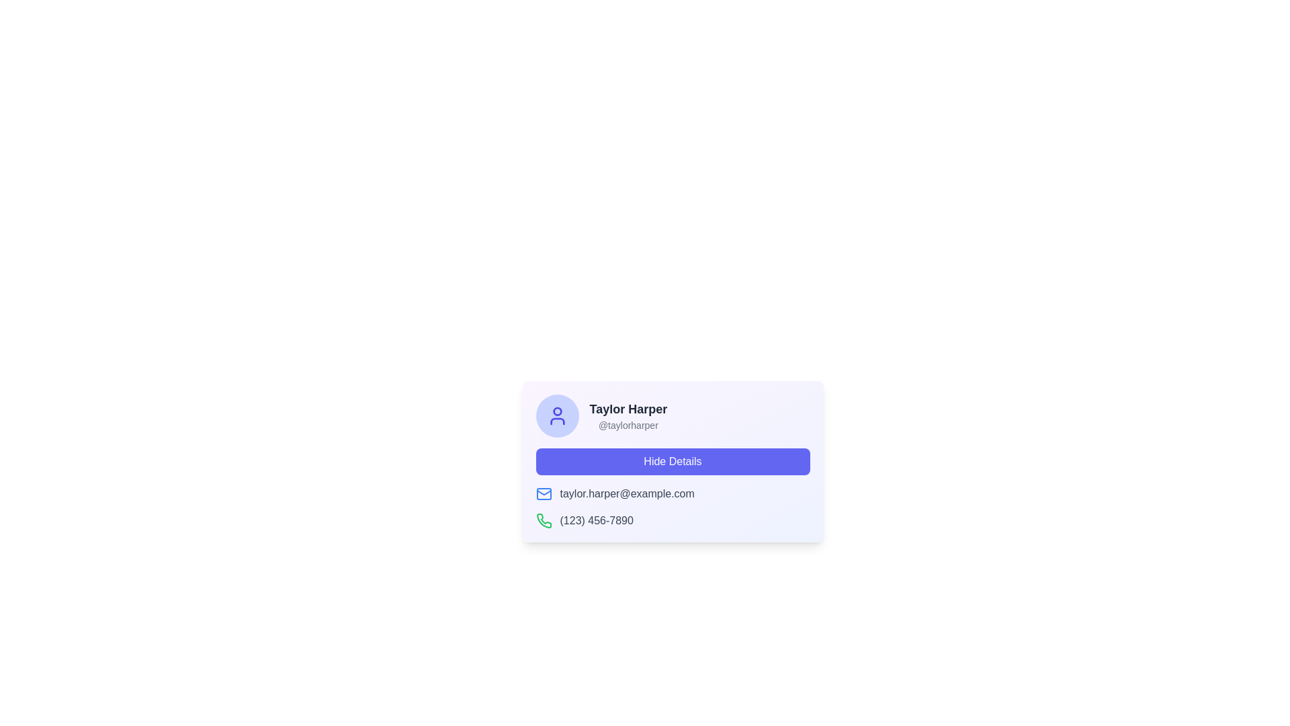 The image size is (1290, 726). Describe the element at coordinates (544, 520) in the screenshot. I see `the green telephone icon located to the left of the phone number '(123) 456-7890' at the bottom-right corner of the card` at that location.